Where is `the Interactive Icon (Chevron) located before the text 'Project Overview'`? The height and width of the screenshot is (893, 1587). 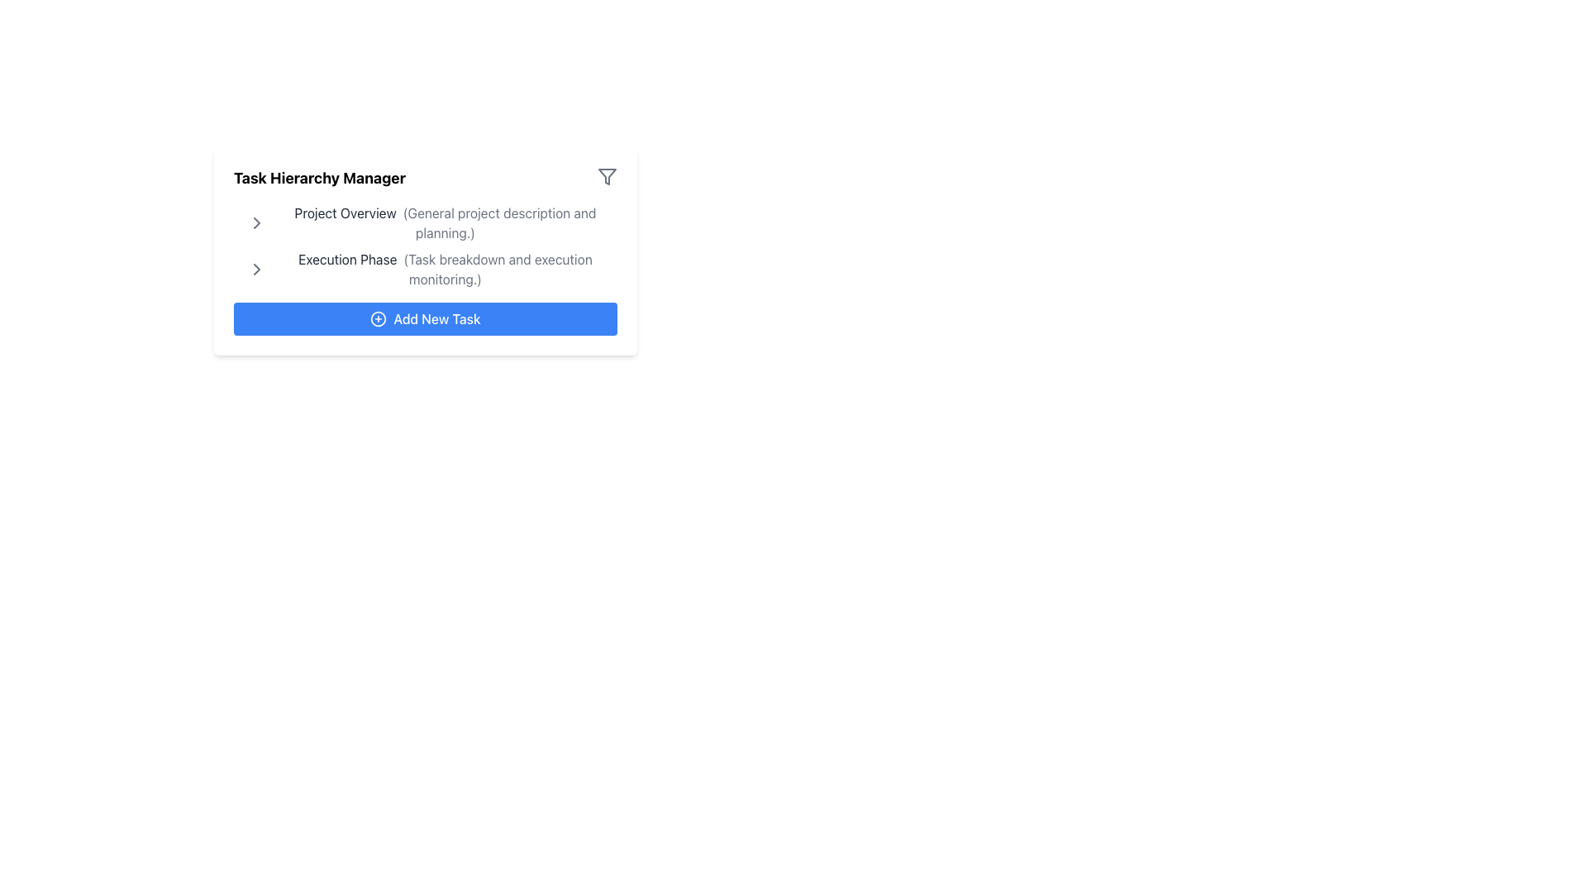 the Interactive Icon (Chevron) located before the text 'Project Overview' is located at coordinates (256, 223).